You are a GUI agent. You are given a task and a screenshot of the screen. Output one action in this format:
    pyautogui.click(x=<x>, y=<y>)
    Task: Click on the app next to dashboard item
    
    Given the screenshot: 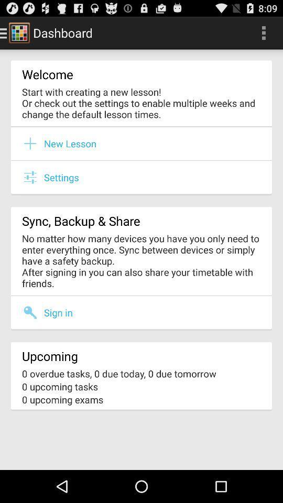 What is the action you would take?
    pyautogui.click(x=263, y=32)
    